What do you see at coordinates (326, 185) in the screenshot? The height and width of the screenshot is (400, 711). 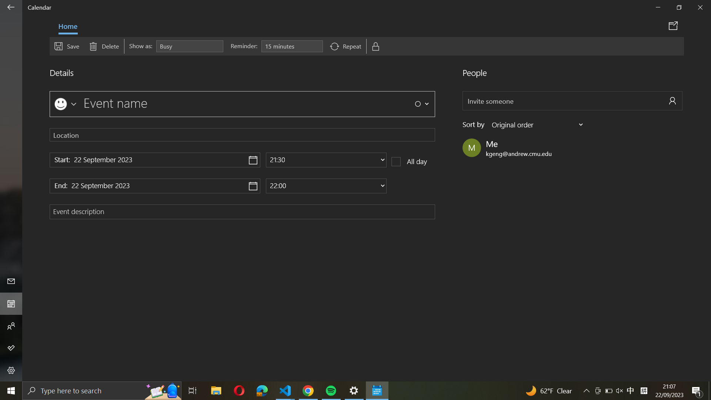 I see `event end time to 7:00 PM` at bounding box center [326, 185].